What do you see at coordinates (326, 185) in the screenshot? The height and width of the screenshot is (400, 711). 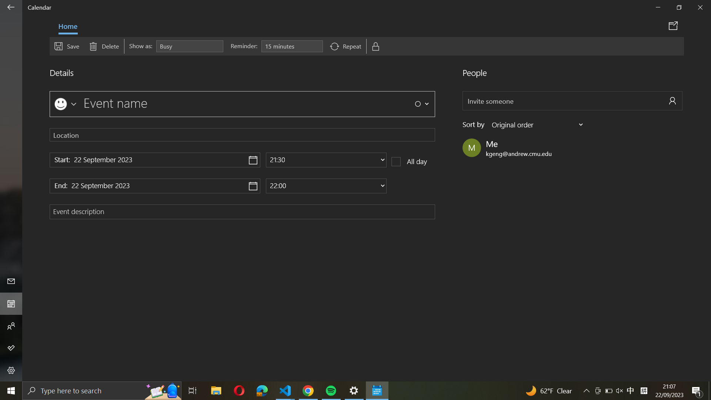 I see `event end time to 7:00 PM` at bounding box center [326, 185].